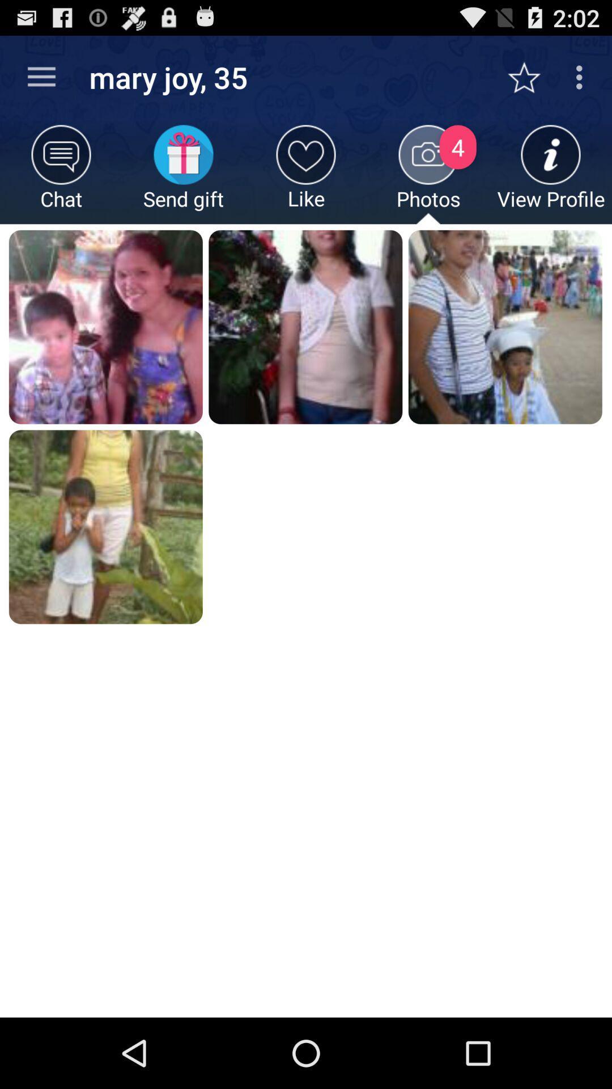 This screenshot has width=612, height=1089. Describe the element at coordinates (582, 77) in the screenshot. I see `the button next to star button` at that location.